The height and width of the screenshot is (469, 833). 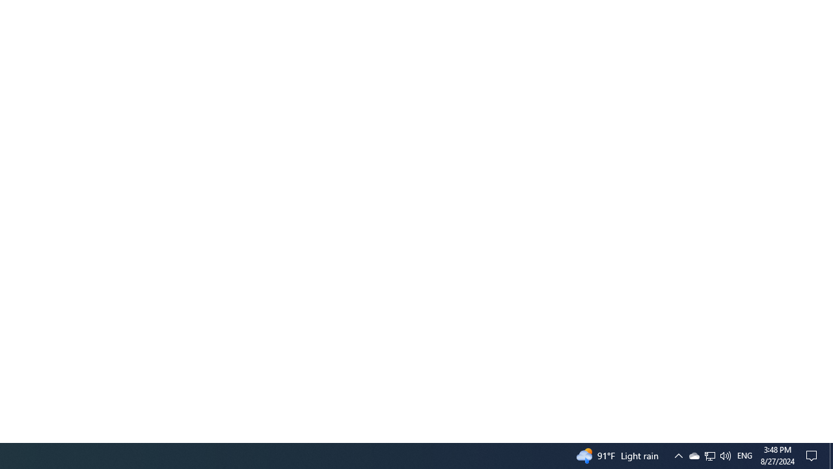 What do you see at coordinates (744, 455) in the screenshot?
I see `'Tray Input Indicator - English (United States)'` at bounding box center [744, 455].